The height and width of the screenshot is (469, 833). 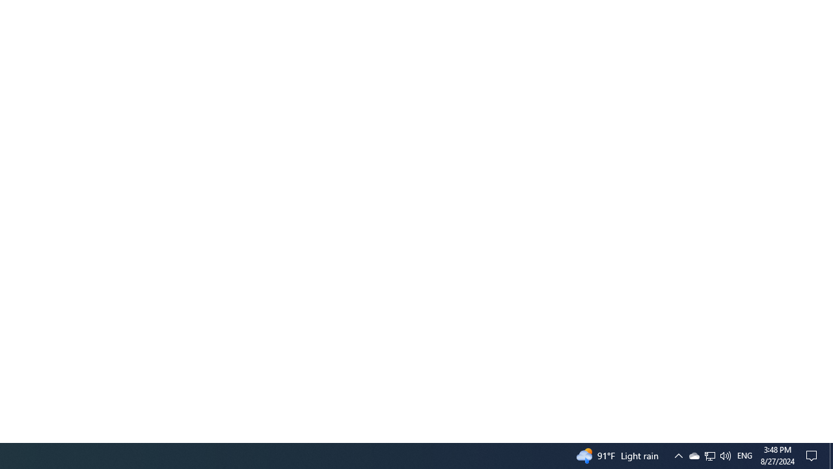 What do you see at coordinates (744, 455) in the screenshot?
I see `'Tray Input Indicator - English (United States)'` at bounding box center [744, 455].